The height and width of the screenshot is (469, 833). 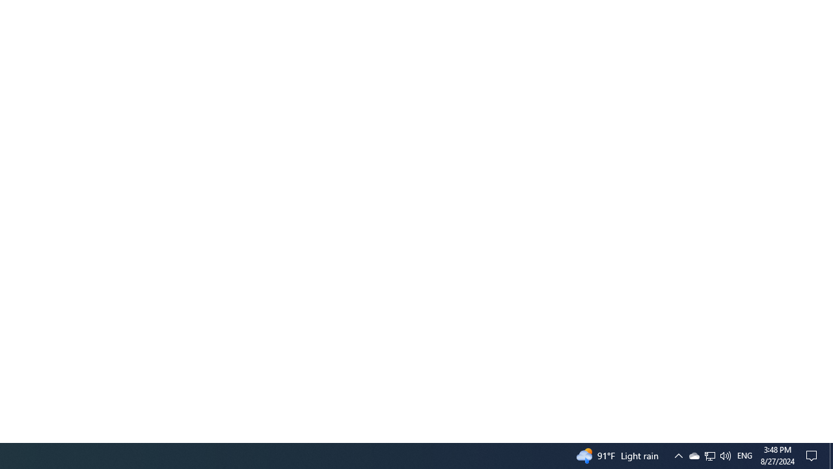 What do you see at coordinates (744, 455) in the screenshot?
I see `'Tray Input Indicator - English (United States)'` at bounding box center [744, 455].